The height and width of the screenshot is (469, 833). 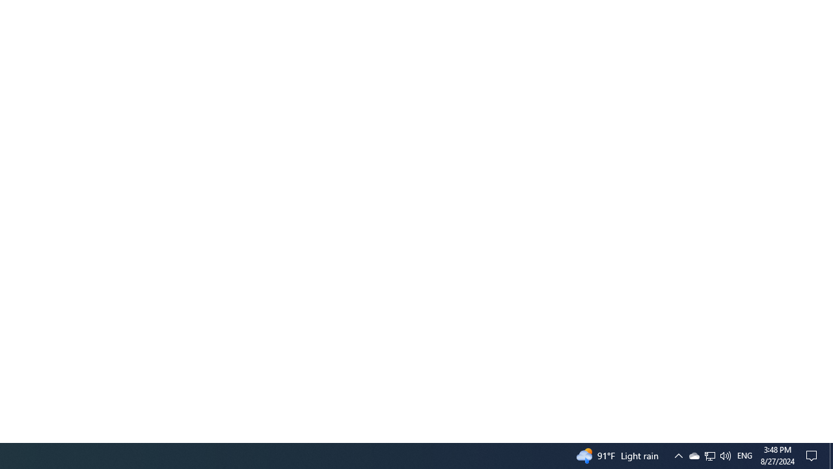 What do you see at coordinates (744, 455) in the screenshot?
I see `'Tray Input Indicator - English (United States)'` at bounding box center [744, 455].